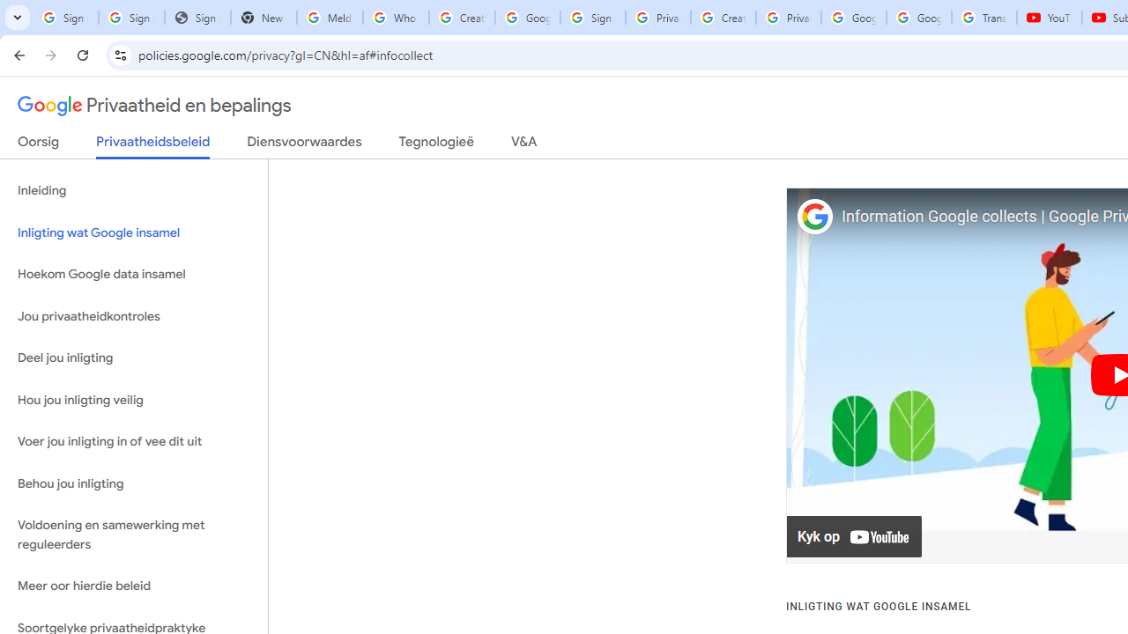 The image size is (1128, 634). What do you see at coordinates (133, 400) in the screenshot?
I see `'Hou jou inligting veilig'` at bounding box center [133, 400].